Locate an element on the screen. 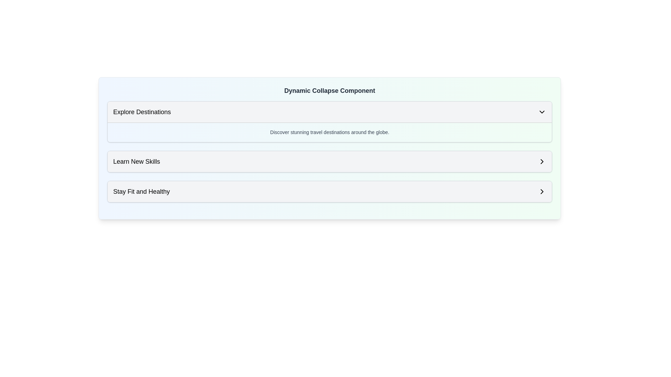 The width and height of the screenshot is (671, 377). the 'Learn New Skills' interactive list item is located at coordinates (329, 161).